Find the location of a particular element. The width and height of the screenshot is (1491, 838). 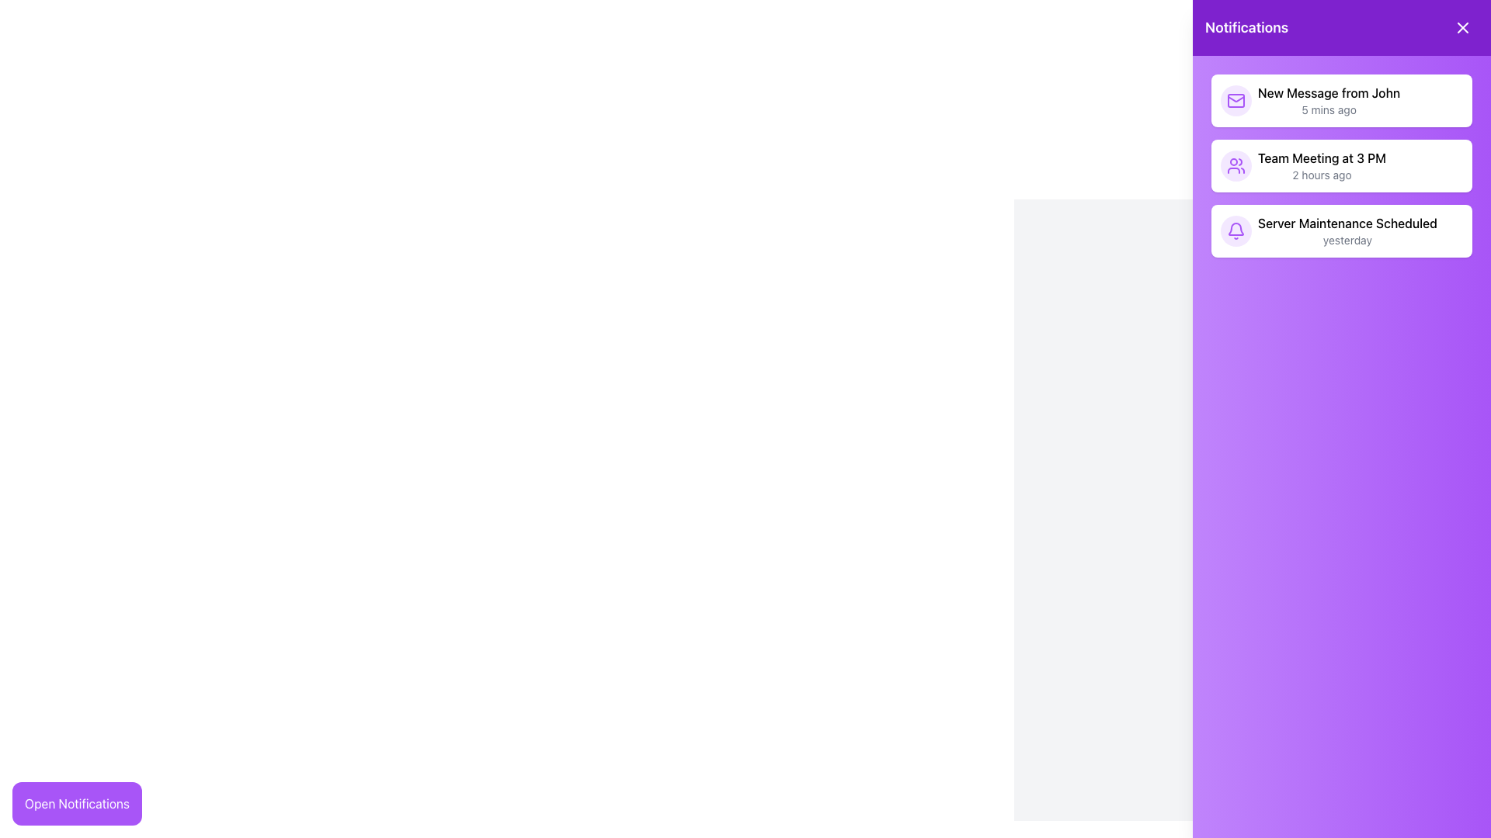

text of the second notification element in the notifications section, which contains 'Team Meeting at 3 PM' and '2 hours ago' is located at coordinates (1321, 165).